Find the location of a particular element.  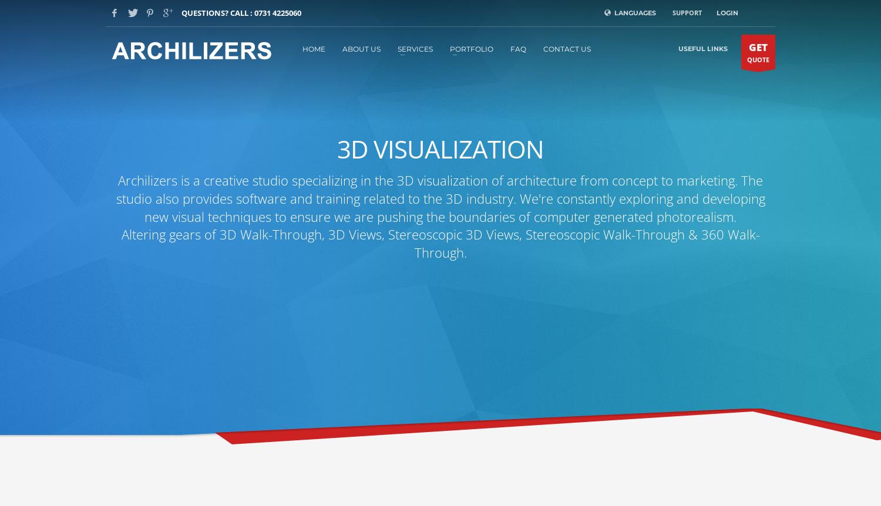

'PORTFOLIO' is located at coordinates (471, 48).